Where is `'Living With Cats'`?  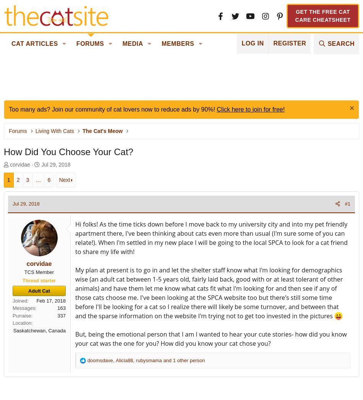 'Living With Cats' is located at coordinates (54, 131).